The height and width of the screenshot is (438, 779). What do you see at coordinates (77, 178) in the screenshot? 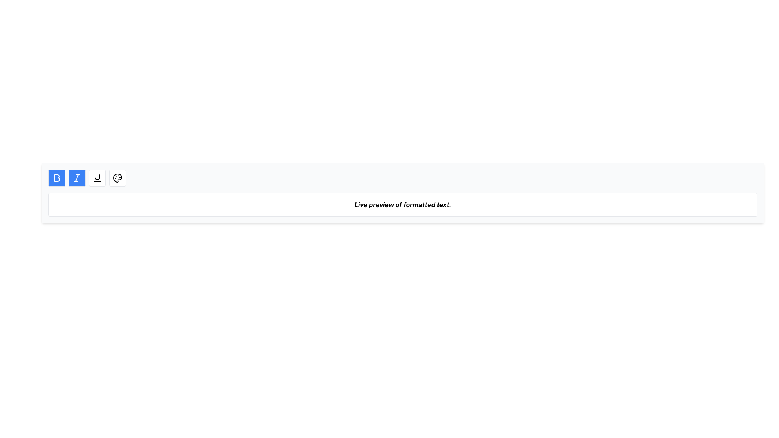
I see `the diagonal line SVG element within the italic text formatting icon` at bounding box center [77, 178].